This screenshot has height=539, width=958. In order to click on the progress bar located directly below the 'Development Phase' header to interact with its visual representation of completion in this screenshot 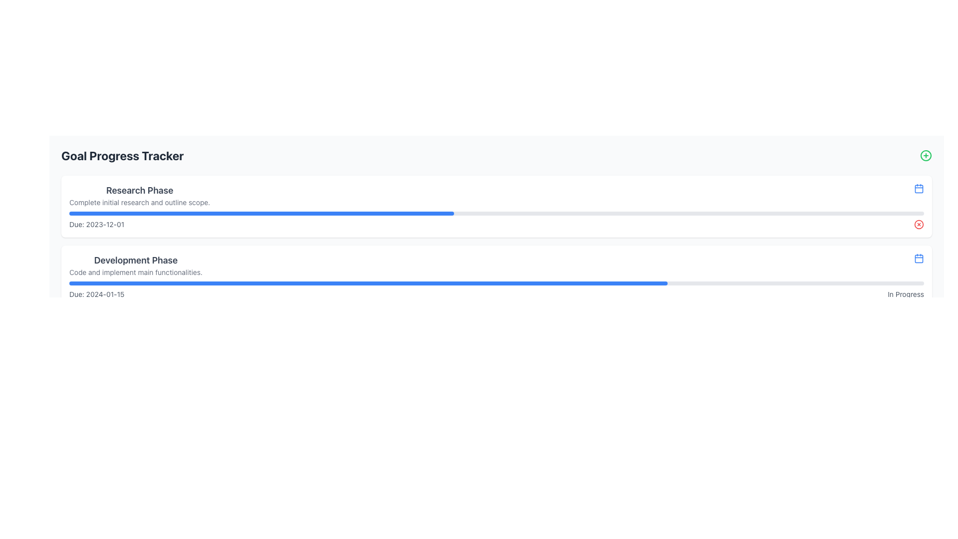, I will do `click(496, 283)`.